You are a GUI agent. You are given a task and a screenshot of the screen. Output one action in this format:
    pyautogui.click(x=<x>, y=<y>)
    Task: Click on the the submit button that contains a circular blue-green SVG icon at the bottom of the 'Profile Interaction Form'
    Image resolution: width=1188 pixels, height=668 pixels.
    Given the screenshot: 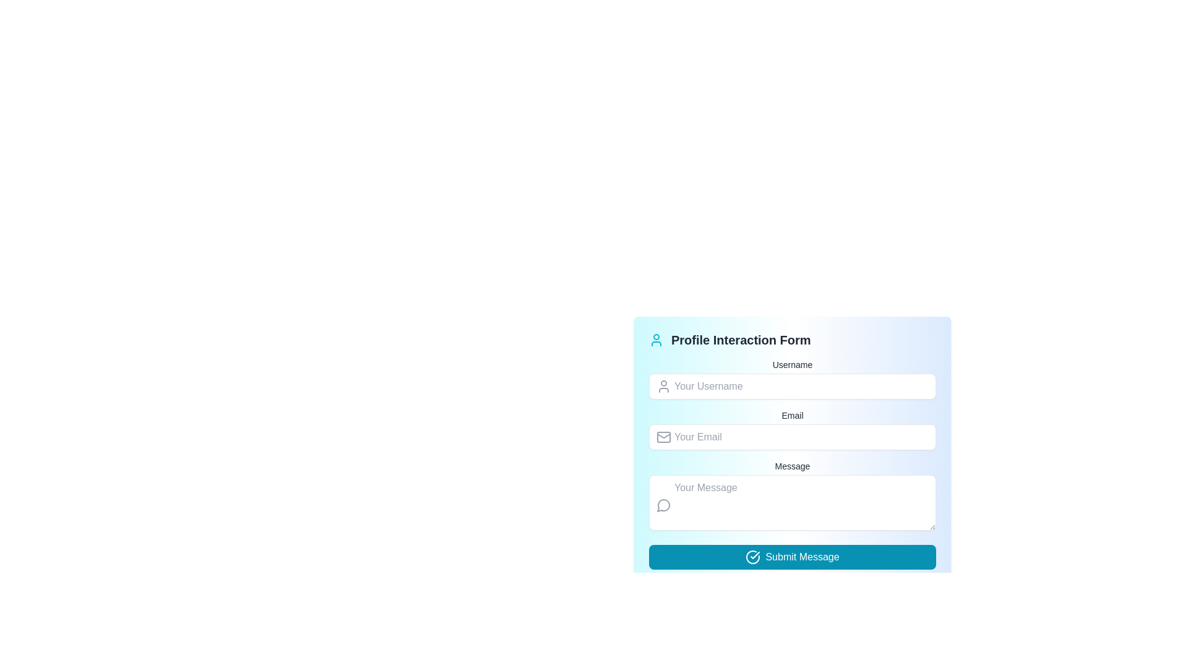 What is the action you would take?
    pyautogui.click(x=752, y=557)
    